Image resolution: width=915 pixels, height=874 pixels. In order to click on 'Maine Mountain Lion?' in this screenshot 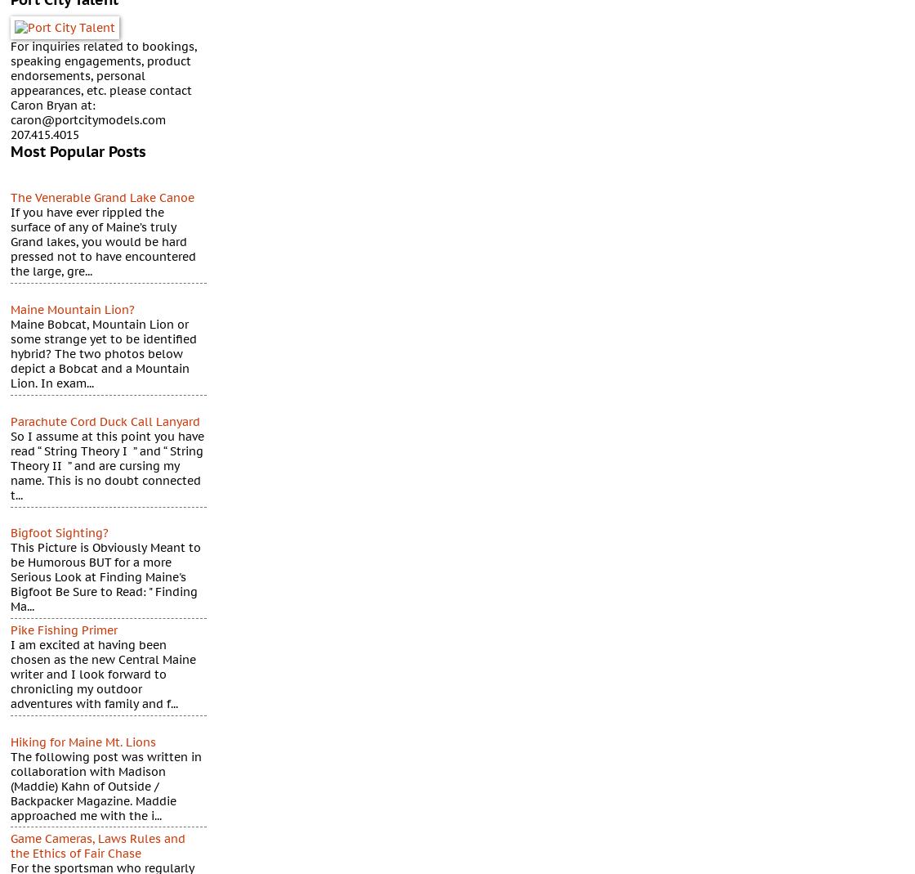, I will do `click(73, 309)`.